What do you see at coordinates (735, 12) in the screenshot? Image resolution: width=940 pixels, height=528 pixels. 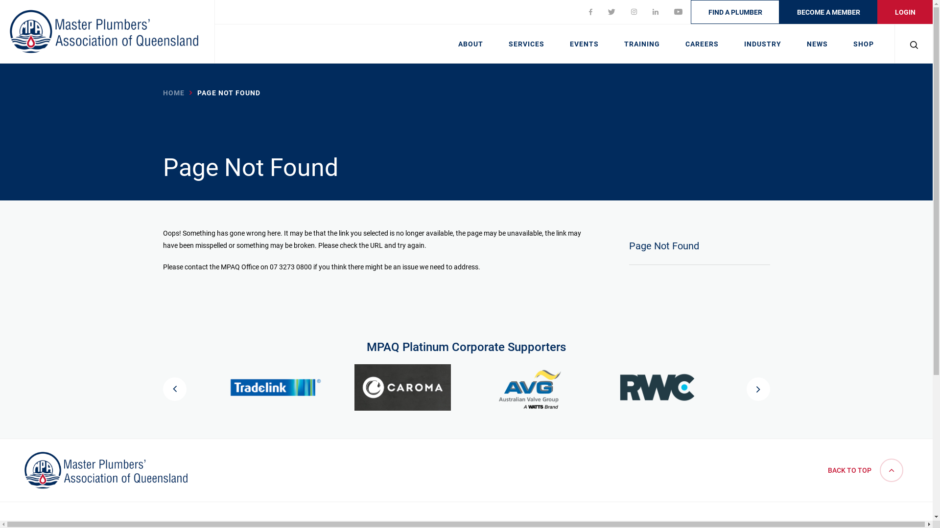 I see `'FIND A PLUMBER'` at bounding box center [735, 12].